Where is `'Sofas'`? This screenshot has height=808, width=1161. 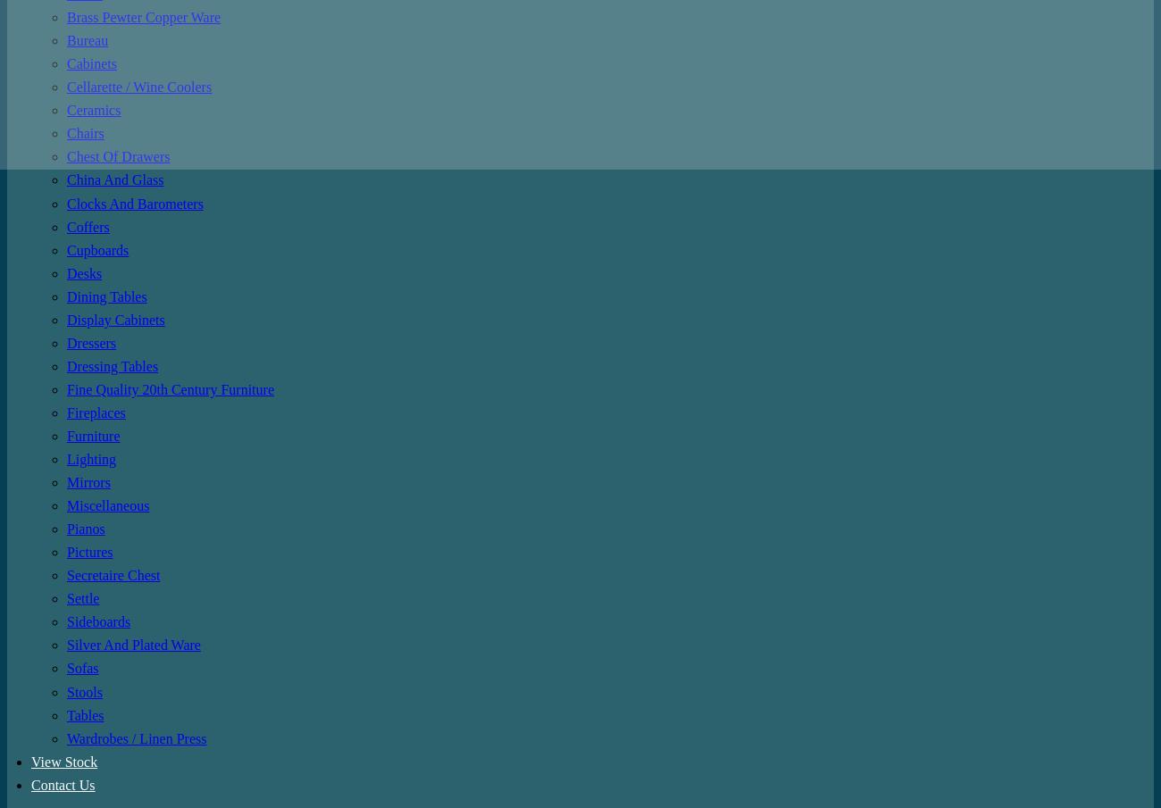 'Sofas' is located at coordinates (82, 667).